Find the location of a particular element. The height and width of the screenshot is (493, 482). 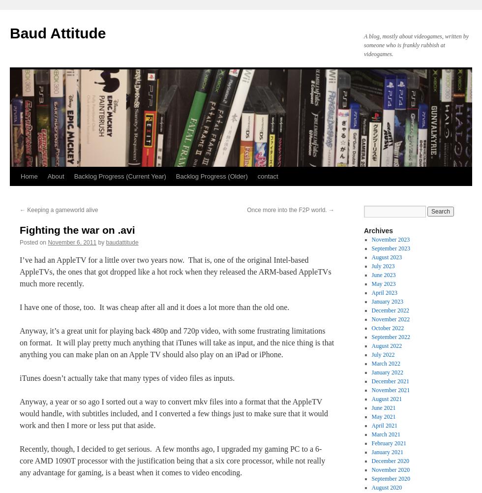

'Anyway, it’s a great unit for playing back 480p and 720p video, with some frustrating limitations on format.  It will play pretty much anything that iTunes will take as input, and the nice thing is that anything you can make plan on an Apple TV should also play on an iPad or iPhone.' is located at coordinates (177, 342).